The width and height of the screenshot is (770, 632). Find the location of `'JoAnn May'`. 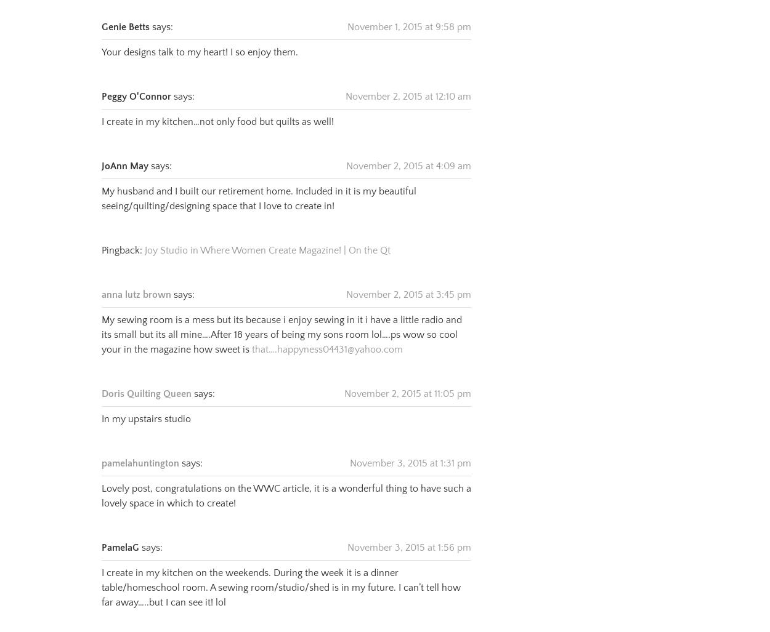

'JoAnn May' is located at coordinates (124, 151).